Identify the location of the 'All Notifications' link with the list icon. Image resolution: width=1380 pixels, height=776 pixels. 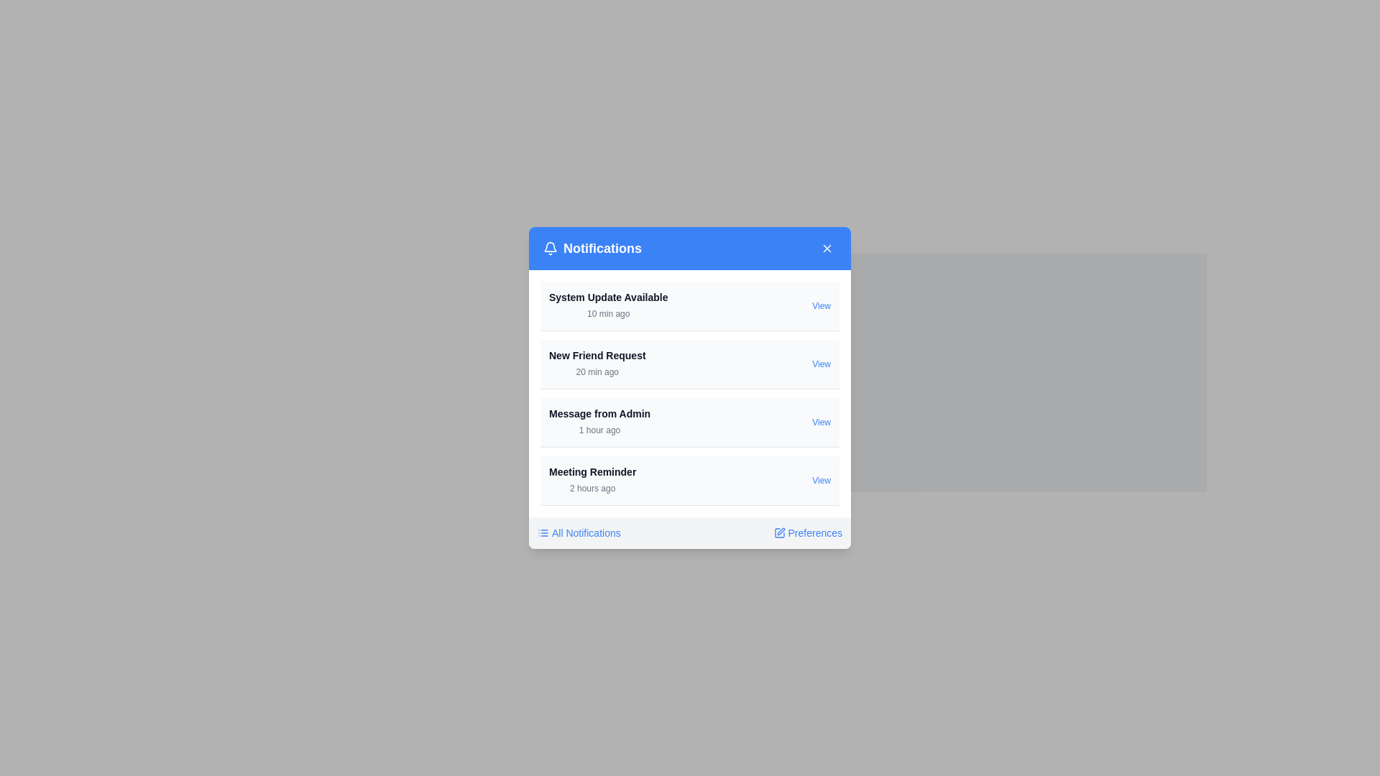
(579, 532).